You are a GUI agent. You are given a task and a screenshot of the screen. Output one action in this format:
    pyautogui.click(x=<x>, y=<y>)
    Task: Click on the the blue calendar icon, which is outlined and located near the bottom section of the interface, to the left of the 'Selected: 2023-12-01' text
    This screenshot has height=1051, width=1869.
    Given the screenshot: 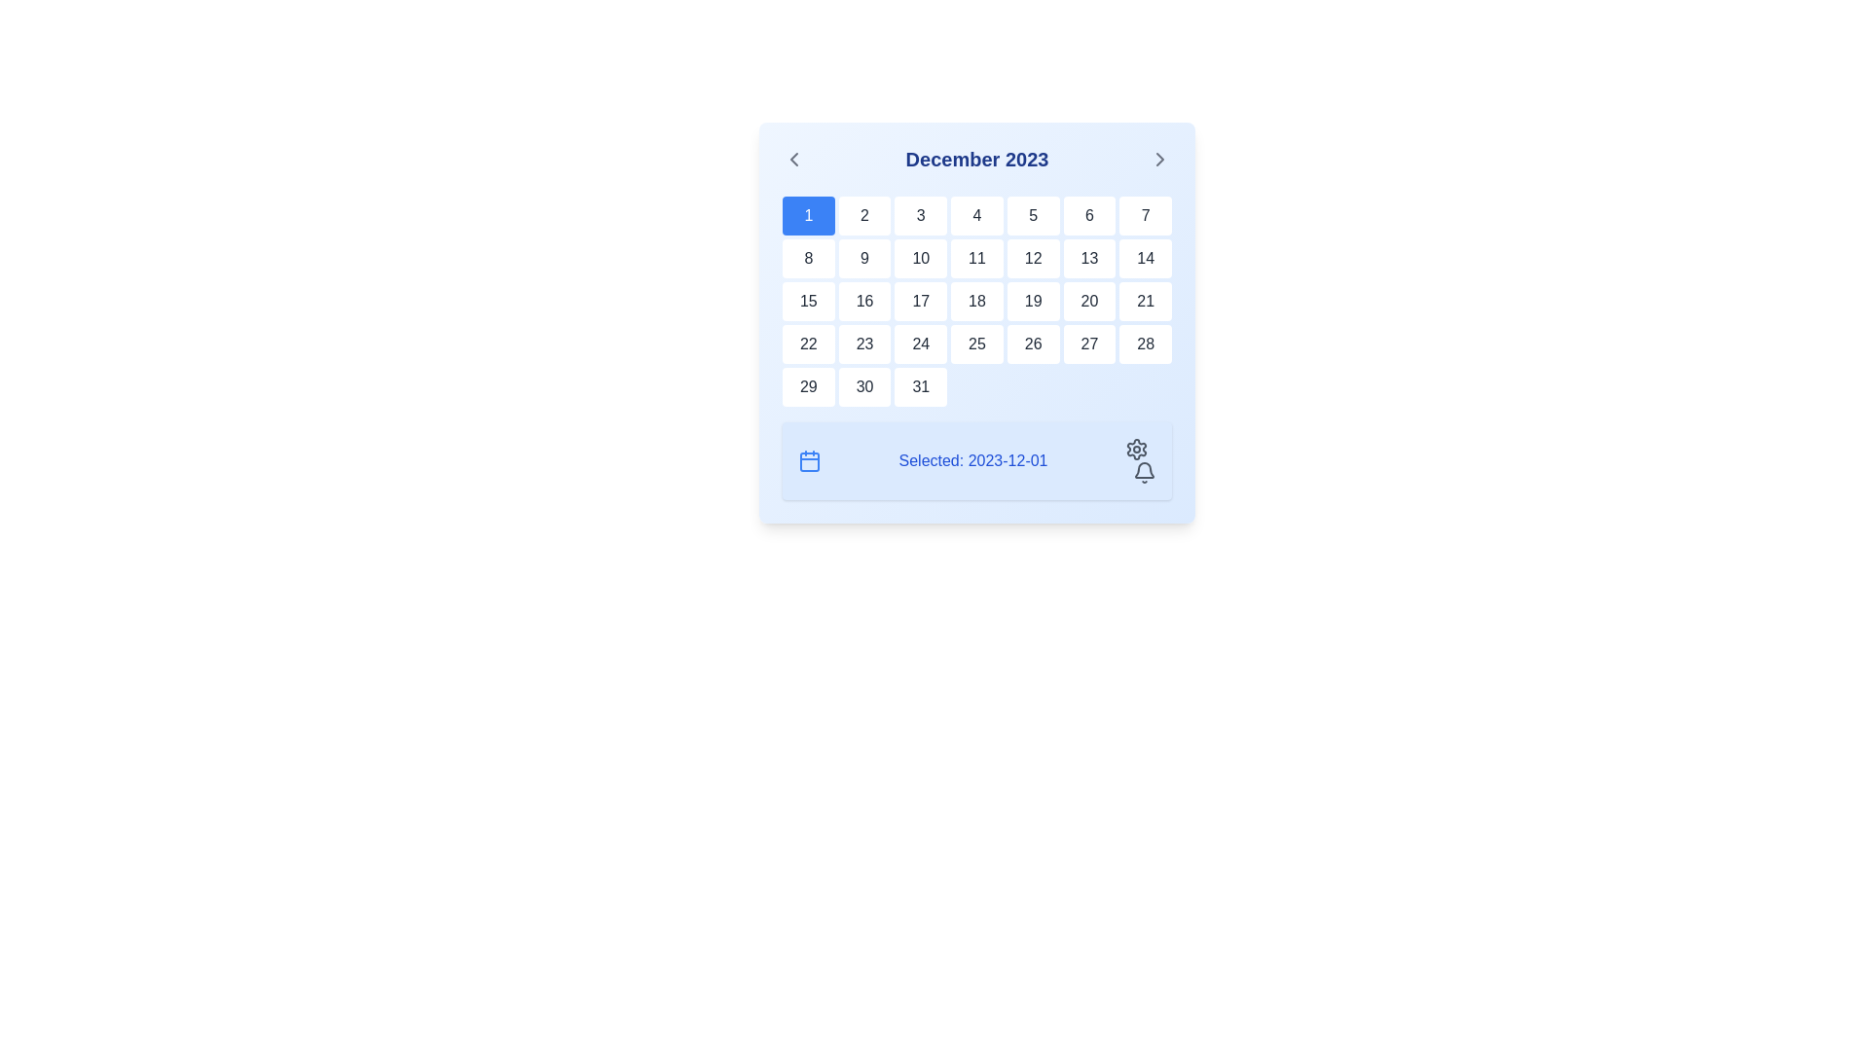 What is the action you would take?
    pyautogui.click(x=809, y=461)
    